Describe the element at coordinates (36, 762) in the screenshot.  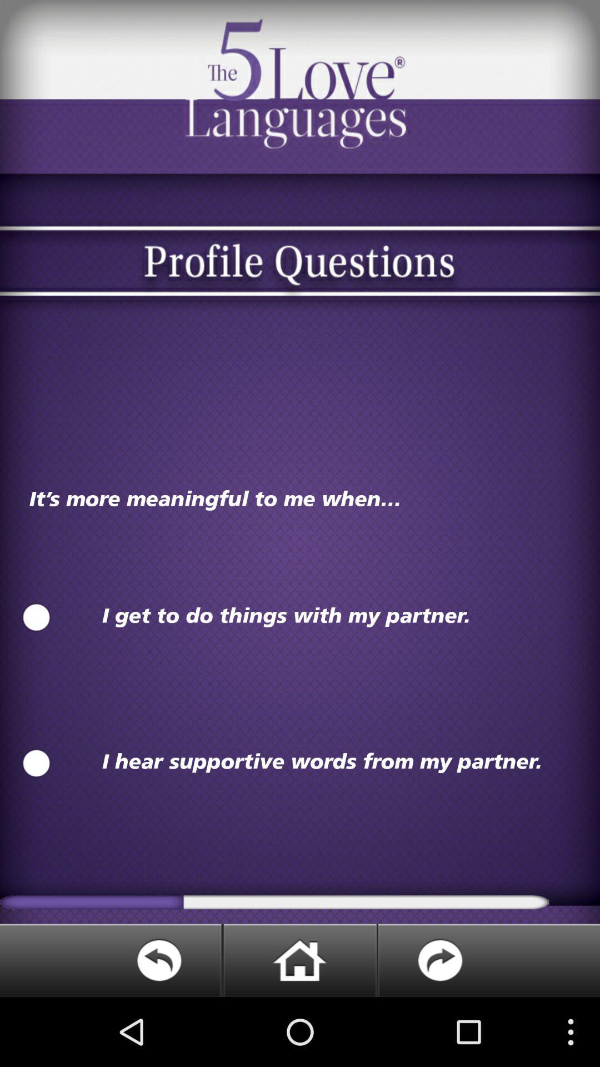
I see `choose this option` at that location.